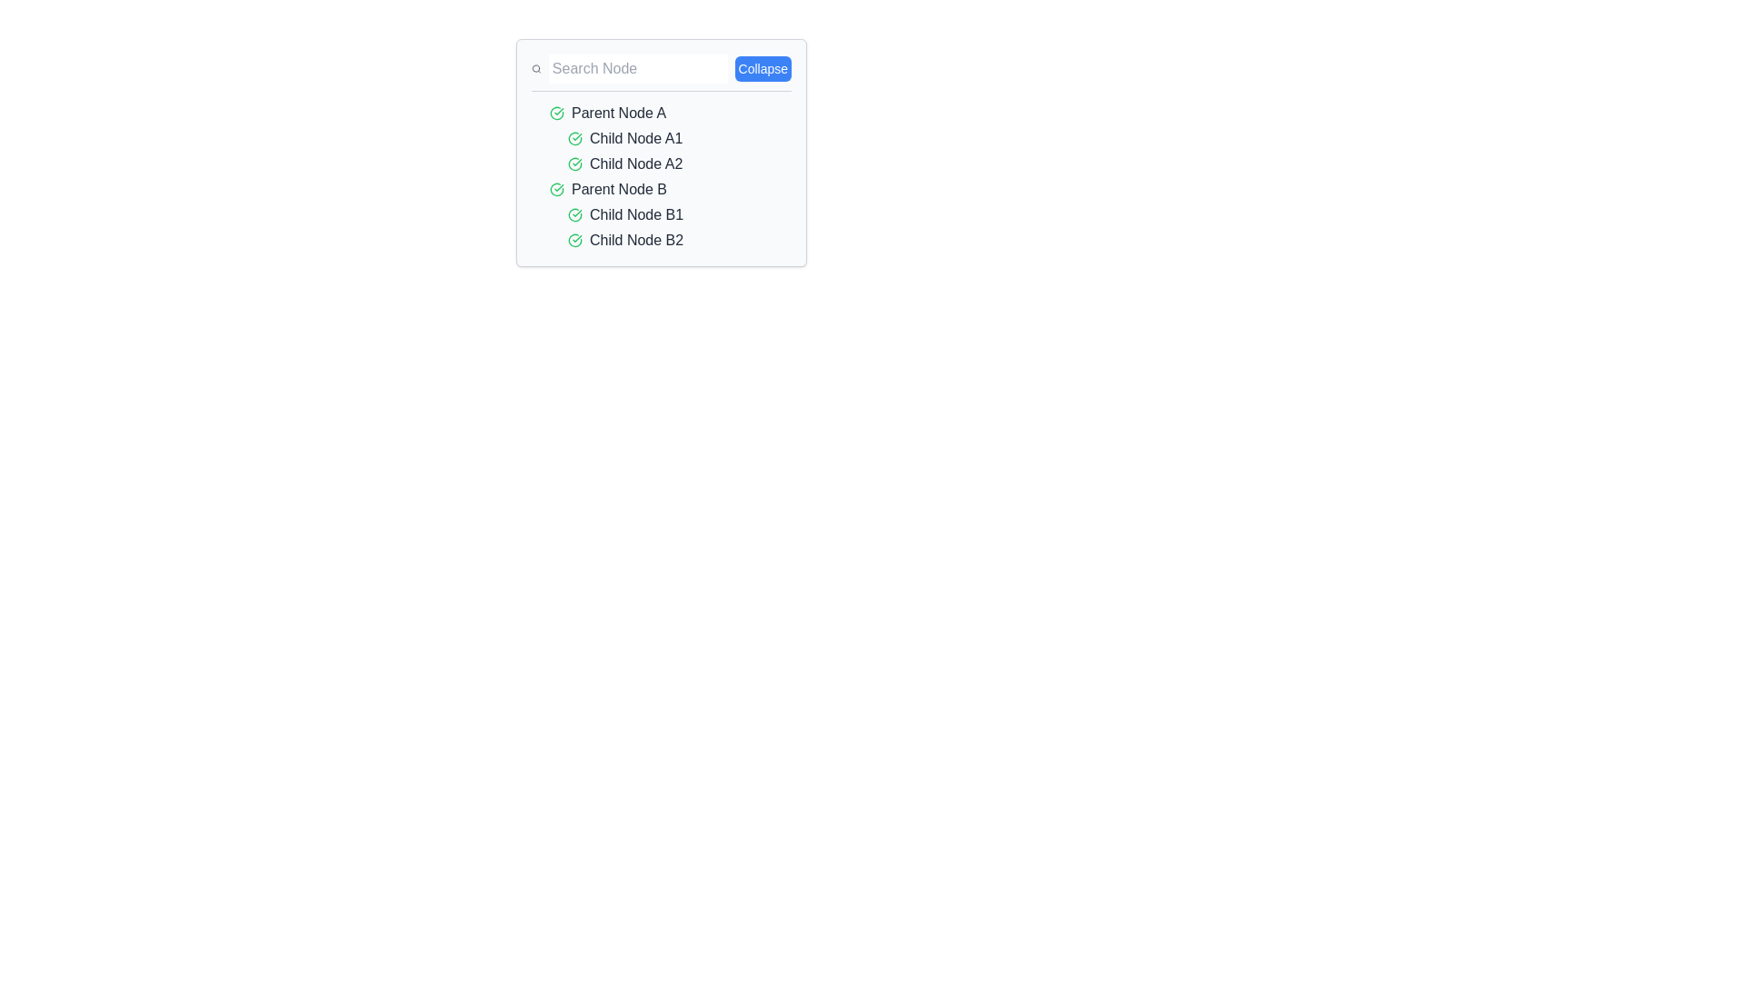  Describe the element at coordinates (619, 113) in the screenshot. I see `the Text element that serves as a node title under the 'Search Node' header, which is the first item in the list of a hierarchical tree structure` at that location.